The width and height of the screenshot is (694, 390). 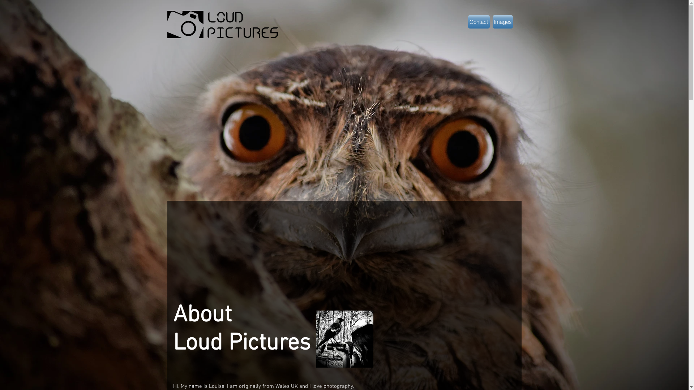 I want to click on 'Contact', so click(x=479, y=21).